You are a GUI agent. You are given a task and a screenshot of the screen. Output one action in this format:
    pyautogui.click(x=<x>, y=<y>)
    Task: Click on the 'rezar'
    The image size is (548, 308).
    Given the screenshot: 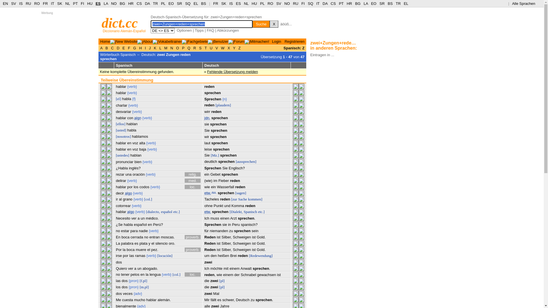 What is the action you would take?
    pyautogui.click(x=116, y=174)
    